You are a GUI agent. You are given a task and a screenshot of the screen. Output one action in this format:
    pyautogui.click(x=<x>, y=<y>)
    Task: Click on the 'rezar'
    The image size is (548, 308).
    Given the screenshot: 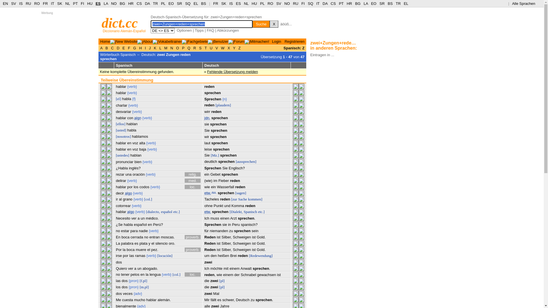 What is the action you would take?
    pyautogui.click(x=116, y=174)
    